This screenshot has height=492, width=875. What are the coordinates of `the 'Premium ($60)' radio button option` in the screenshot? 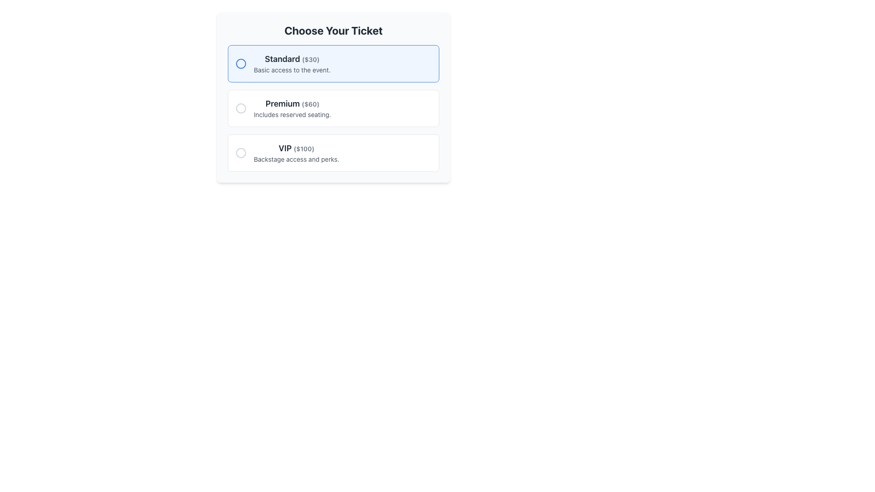 It's located at (333, 108).